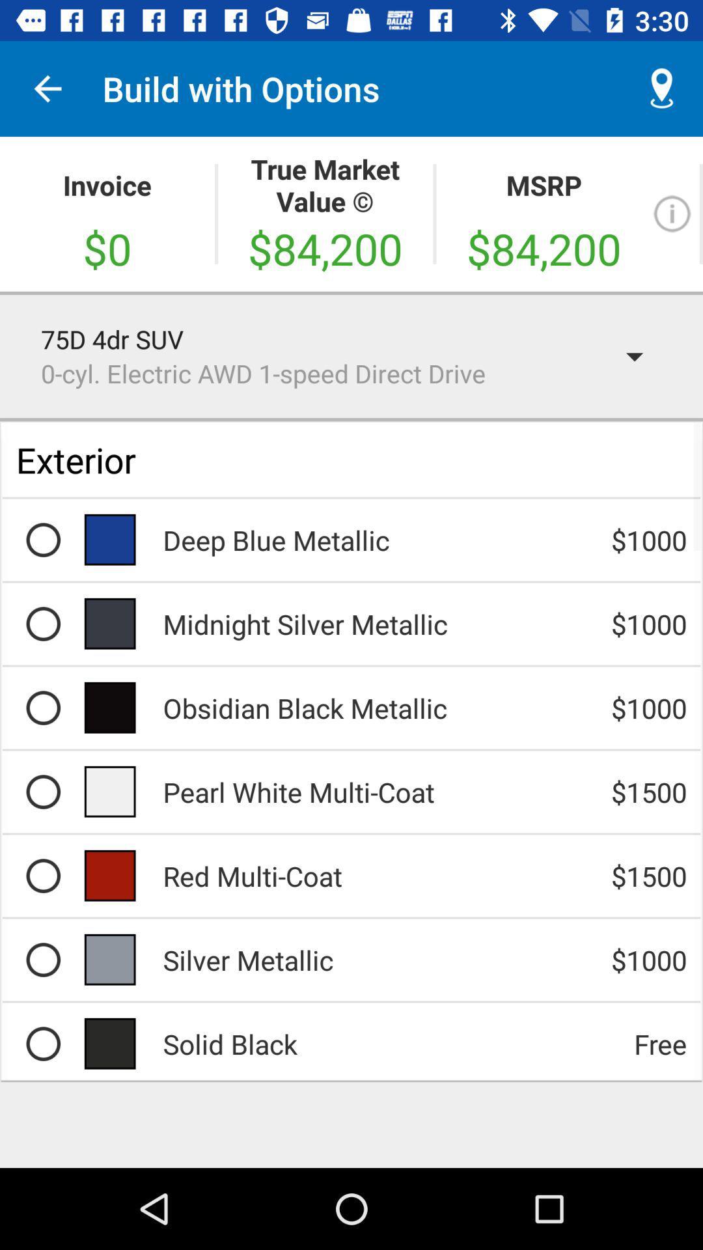 The width and height of the screenshot is (703, 1250). I want to click on show pricing information, so click(672, 214).